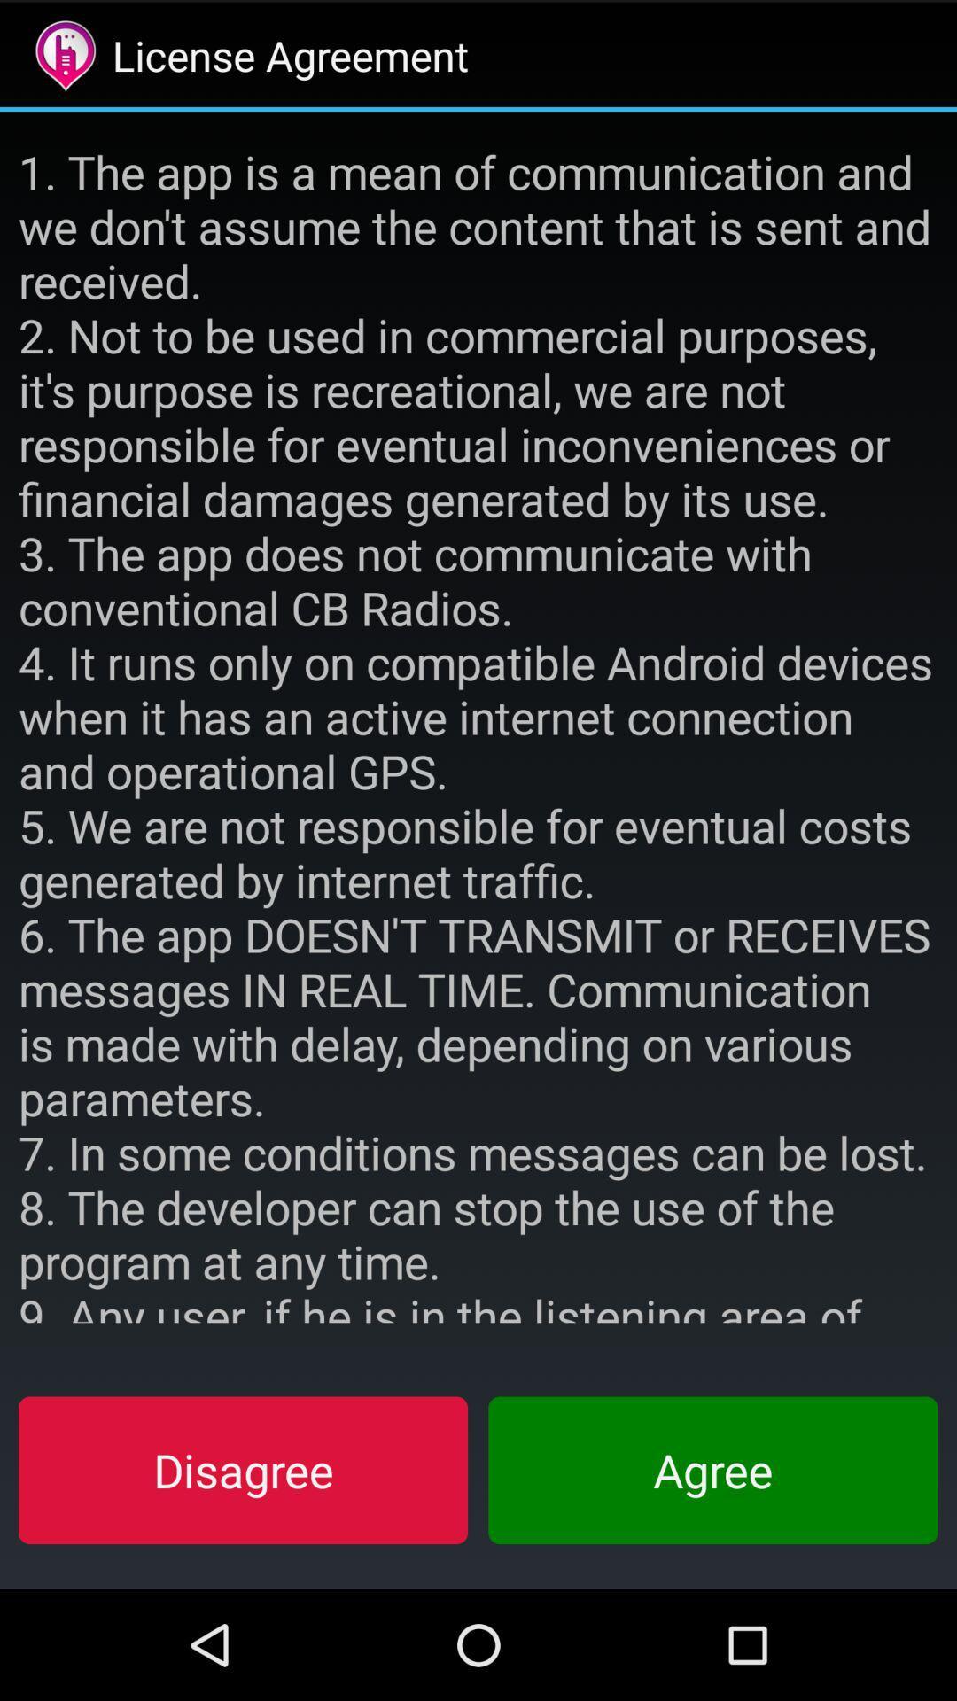 Image resolution: width=957 pixels, height=1701 pixels. I want to click on the icon next to disagree button, so click(712, 1470).